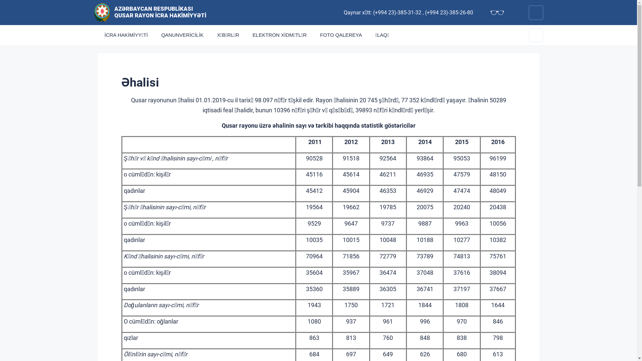 Image resolution: width=642 pixels, height=361 pixels. Describe the element at coordinates (154, 35) in the screenshot. I see `'QANUNVERICILIK'` at that location.